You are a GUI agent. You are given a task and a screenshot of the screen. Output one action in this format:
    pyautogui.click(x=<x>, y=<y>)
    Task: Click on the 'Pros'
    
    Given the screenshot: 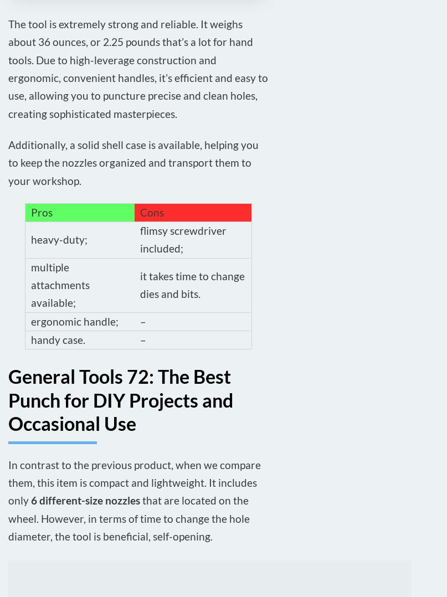 What is the action you would take?
    pyautogui.click(x=42, y=212)
    